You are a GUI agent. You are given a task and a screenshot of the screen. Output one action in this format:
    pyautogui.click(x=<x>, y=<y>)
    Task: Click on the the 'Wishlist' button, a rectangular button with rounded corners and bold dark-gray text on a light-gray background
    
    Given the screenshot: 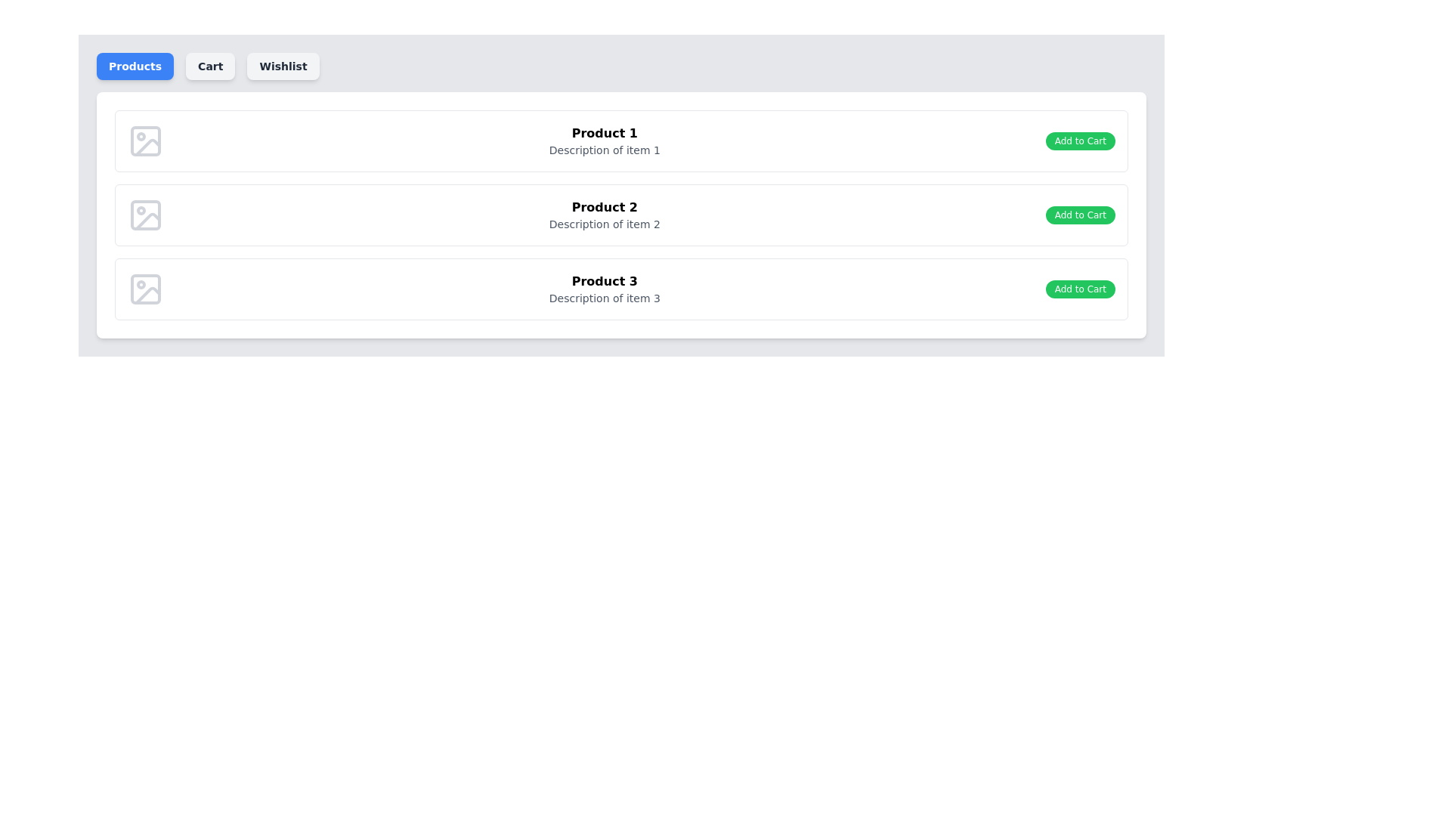 What is the action you would take?
    pyautogui.click(x=283, y=66)
    